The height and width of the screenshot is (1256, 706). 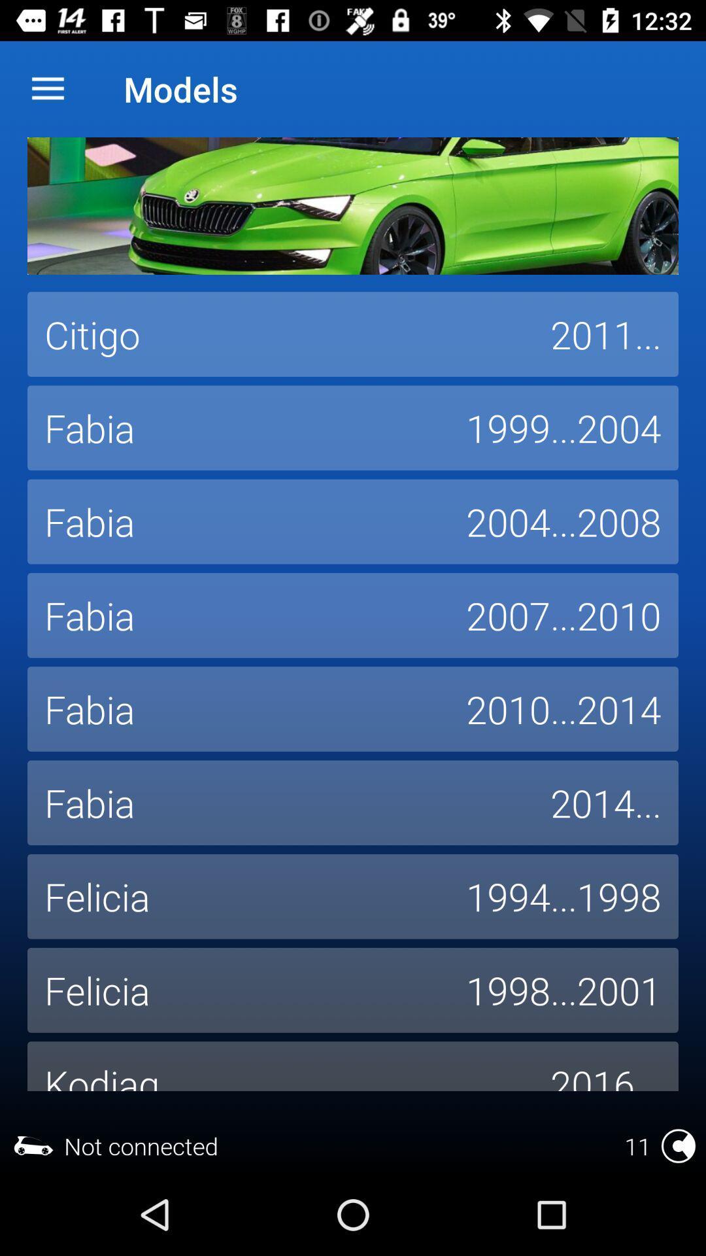 What do you see at coordinates (605, 802) in the screenshot?
I see `the item next to fabia` at bounding box center [605, 802].